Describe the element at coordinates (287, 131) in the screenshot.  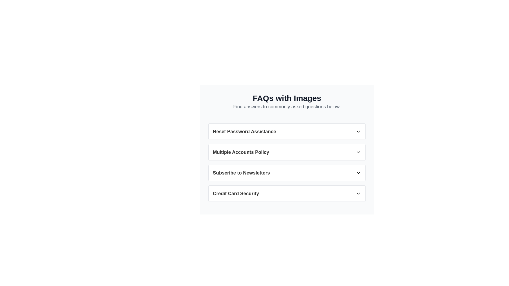
I see `the Dropdown toggle labeled 'Reset Password Assistance'` at that location.